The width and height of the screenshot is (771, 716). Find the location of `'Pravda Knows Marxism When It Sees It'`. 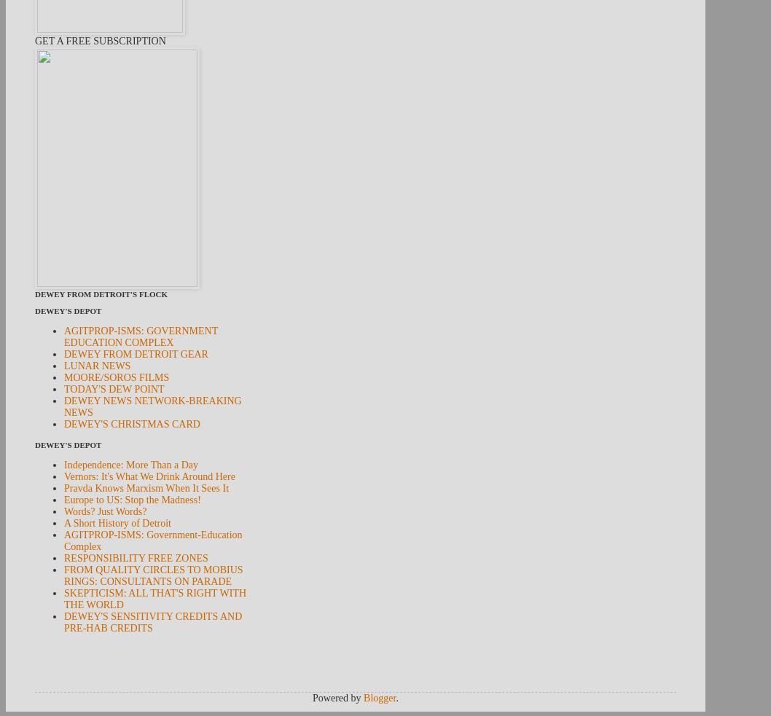

'Pravda Knows Marxism When It Sees It' is located at coordinates (146, 487).